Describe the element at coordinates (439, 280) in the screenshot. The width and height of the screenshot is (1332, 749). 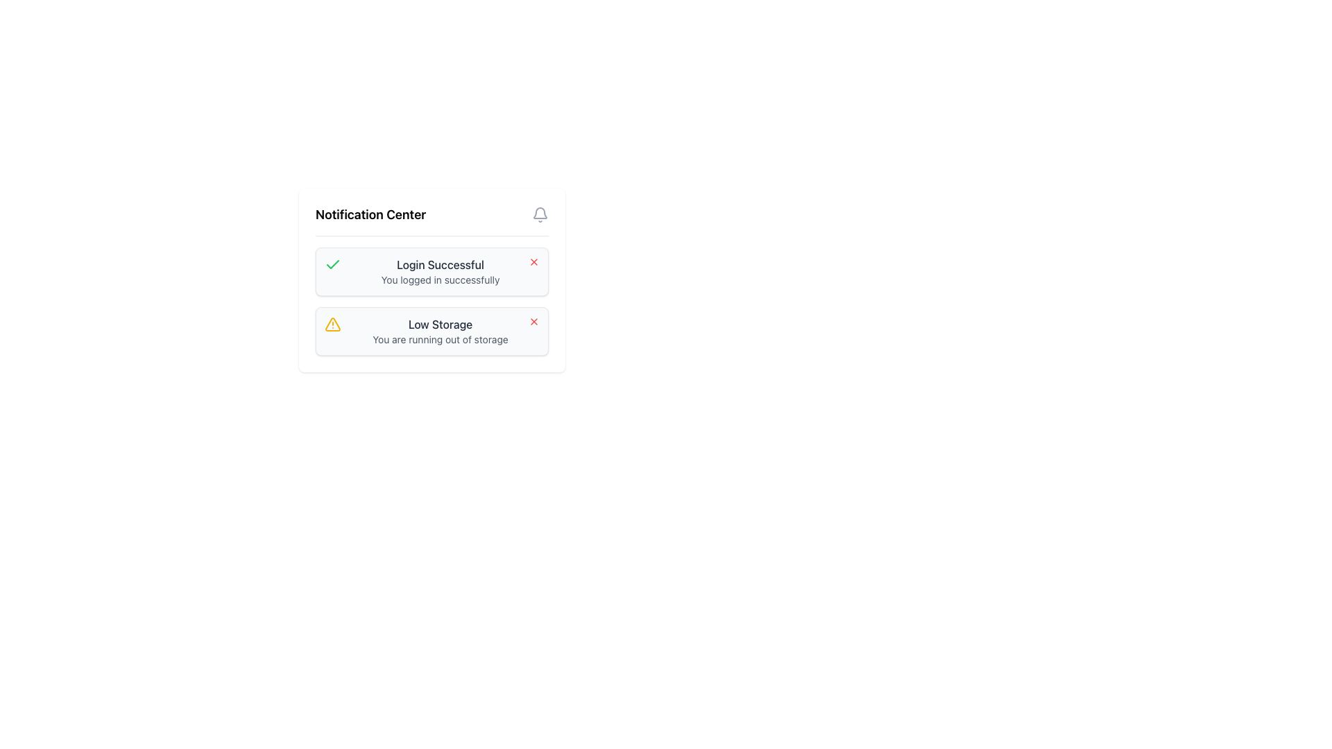
I see `the Text Label that provides feedback about the successful login, located below the 'Login Successful' title in the notification card` at that location.